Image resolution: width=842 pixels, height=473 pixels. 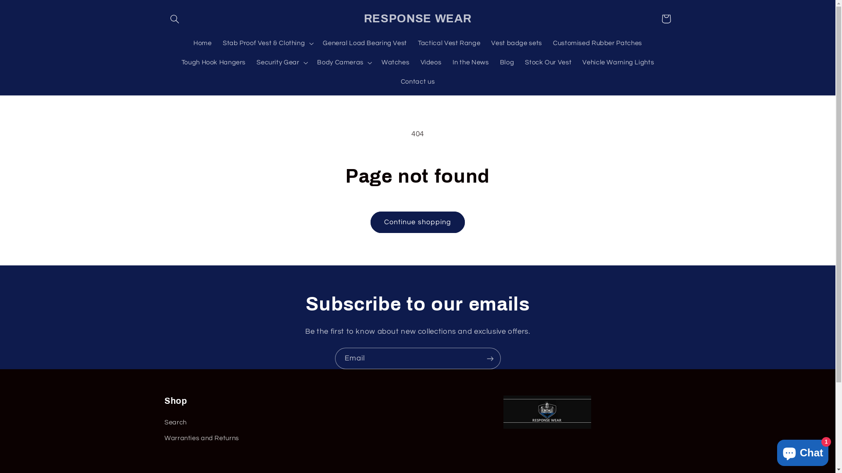 I want to click on 'Shopify online store chat', so click(x=774, y=451).